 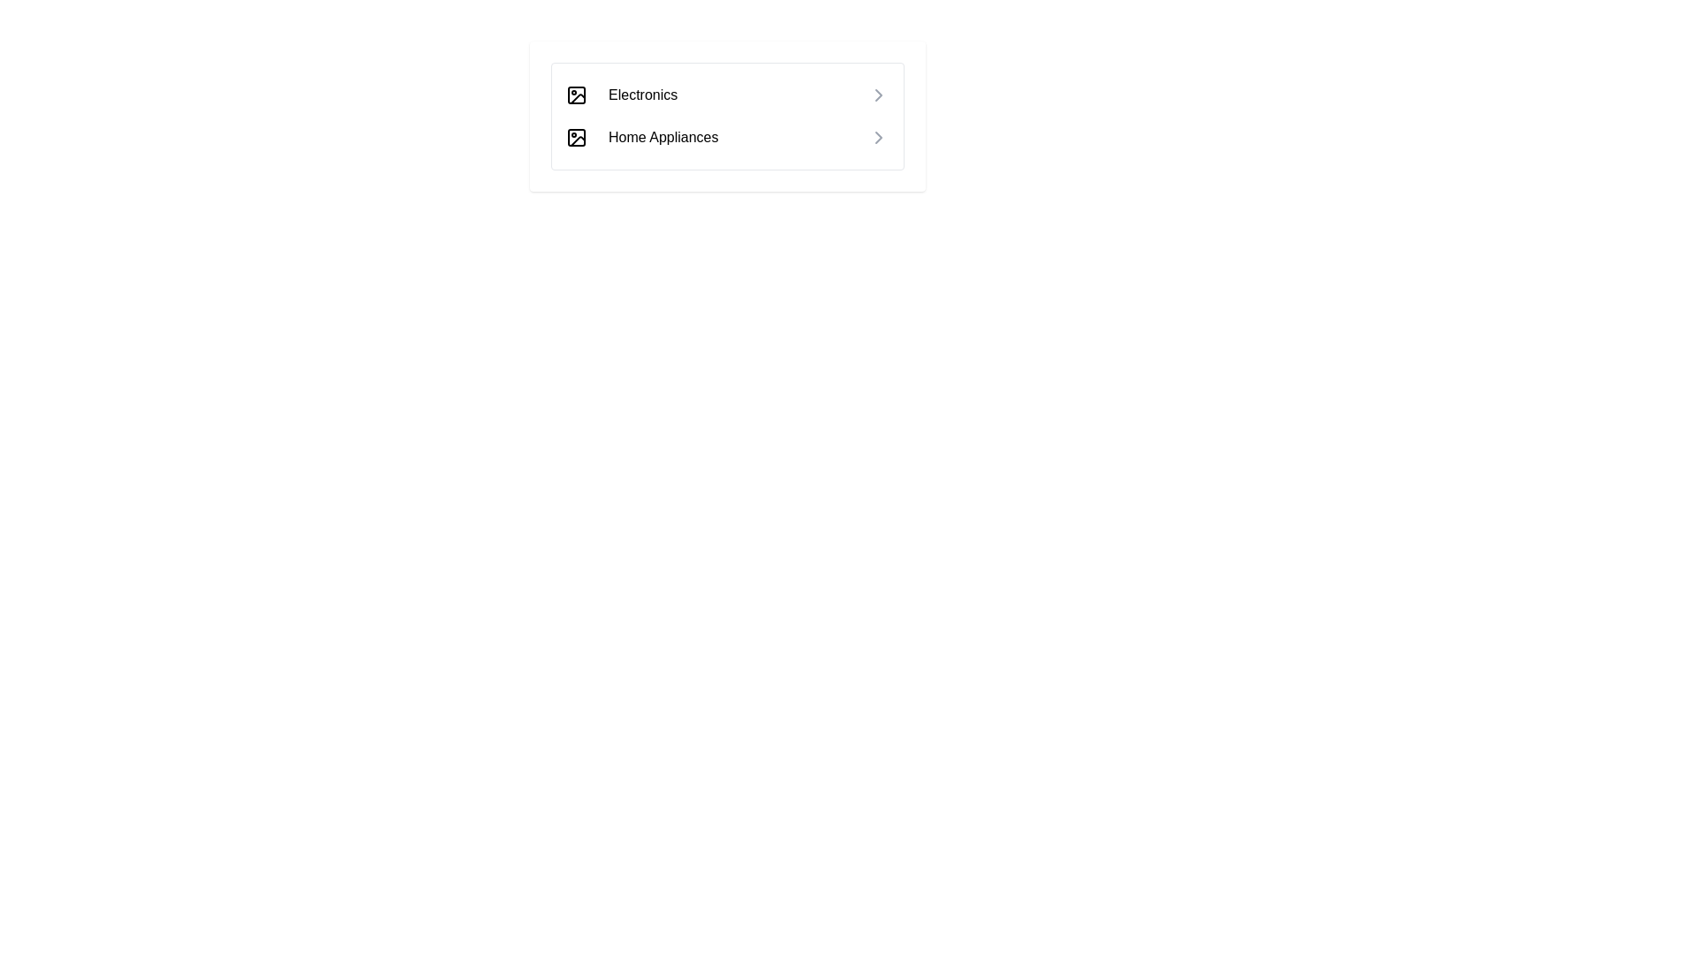 I want to click on the navigation link for 'Home Appliances' located as the second item in the vertical list, positioned below 'Electronics', so click(x=728, y=136).